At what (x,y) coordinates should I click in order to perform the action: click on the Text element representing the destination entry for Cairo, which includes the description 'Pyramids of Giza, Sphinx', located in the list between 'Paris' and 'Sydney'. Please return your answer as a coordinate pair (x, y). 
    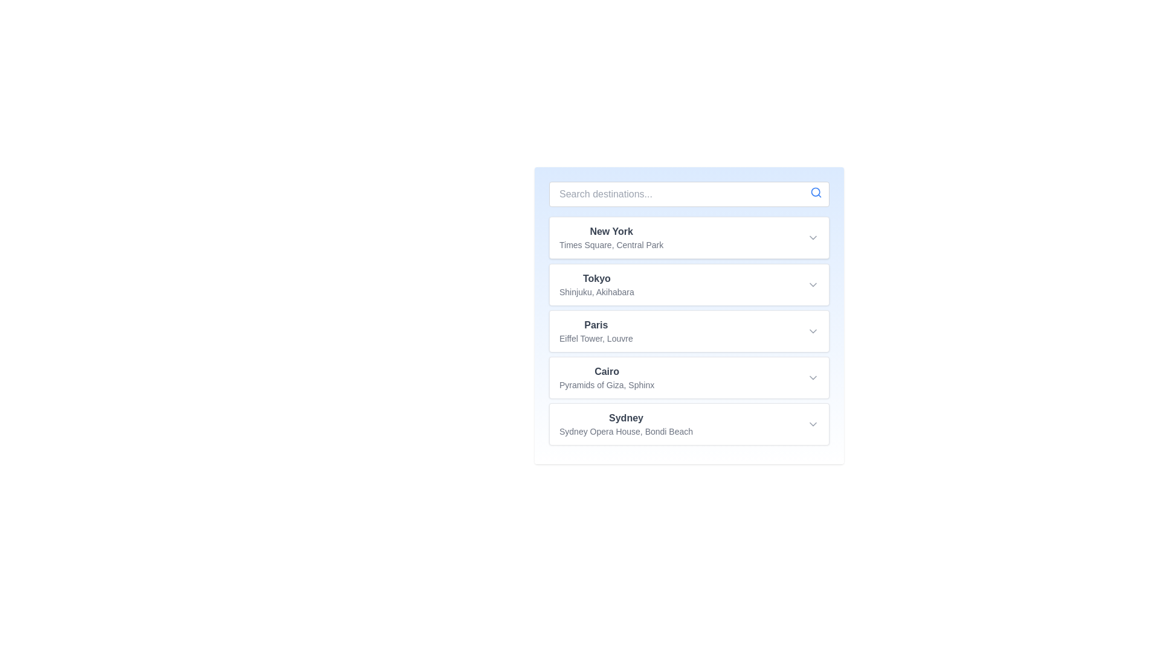
    Looking at the image, I should click on (607, 377).